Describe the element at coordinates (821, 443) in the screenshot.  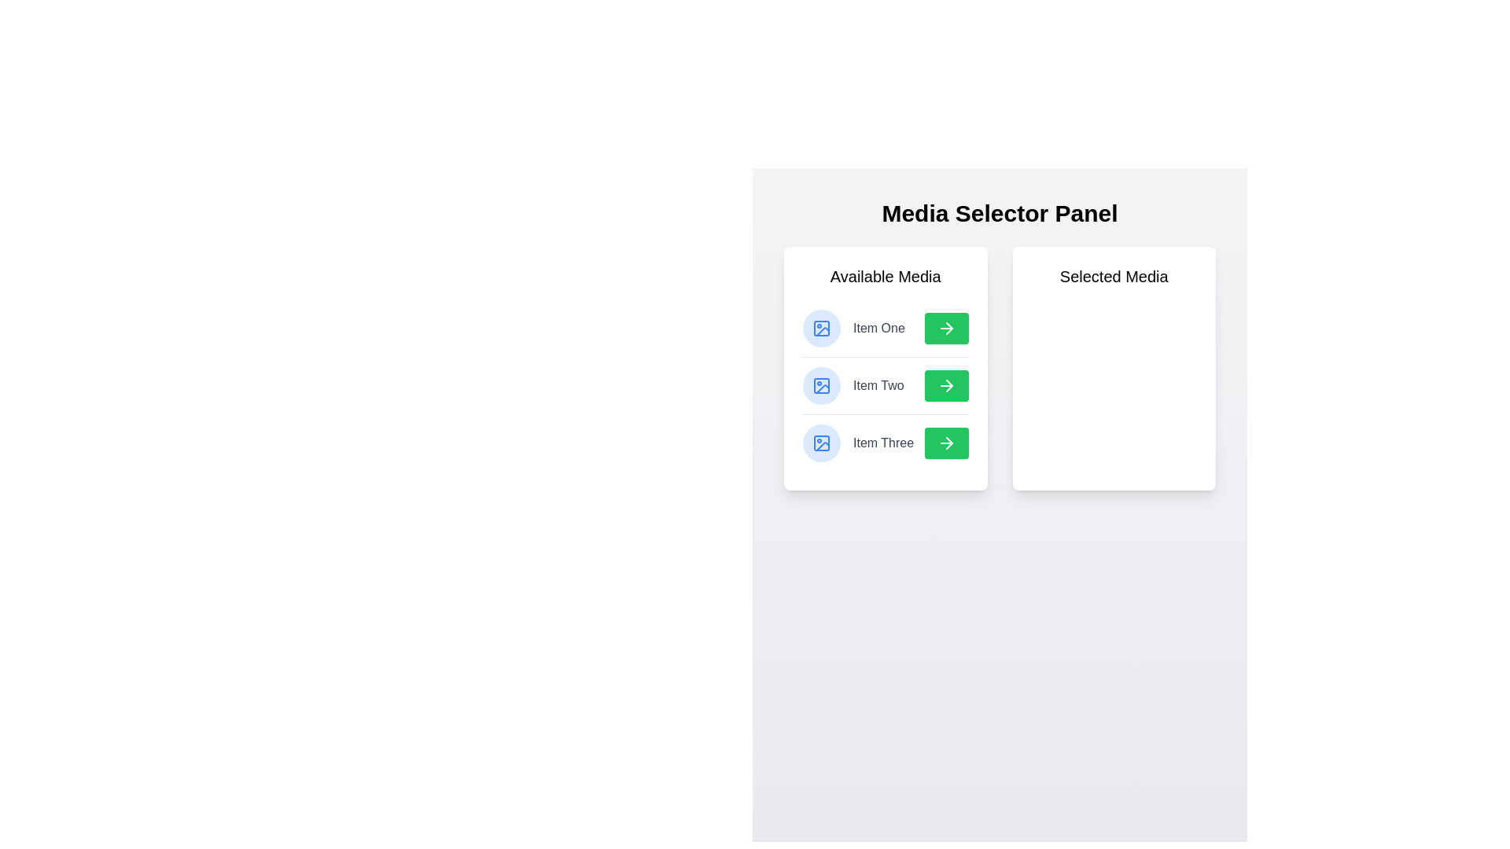
I see `the SVG icon with a blue-tinted circular background that represents an image placeholder, located in the 'Available Media' section under 'Item Three'` at that location.